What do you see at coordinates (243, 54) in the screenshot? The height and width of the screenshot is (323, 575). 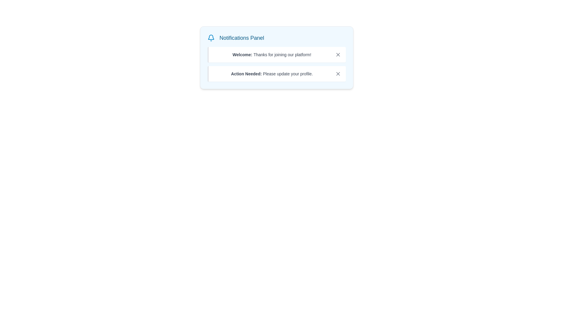 I see `the text label displaying 'Welcome:' in the Notifications Panel, located at the top-central area of the interface` at bounding box center [243, 54].